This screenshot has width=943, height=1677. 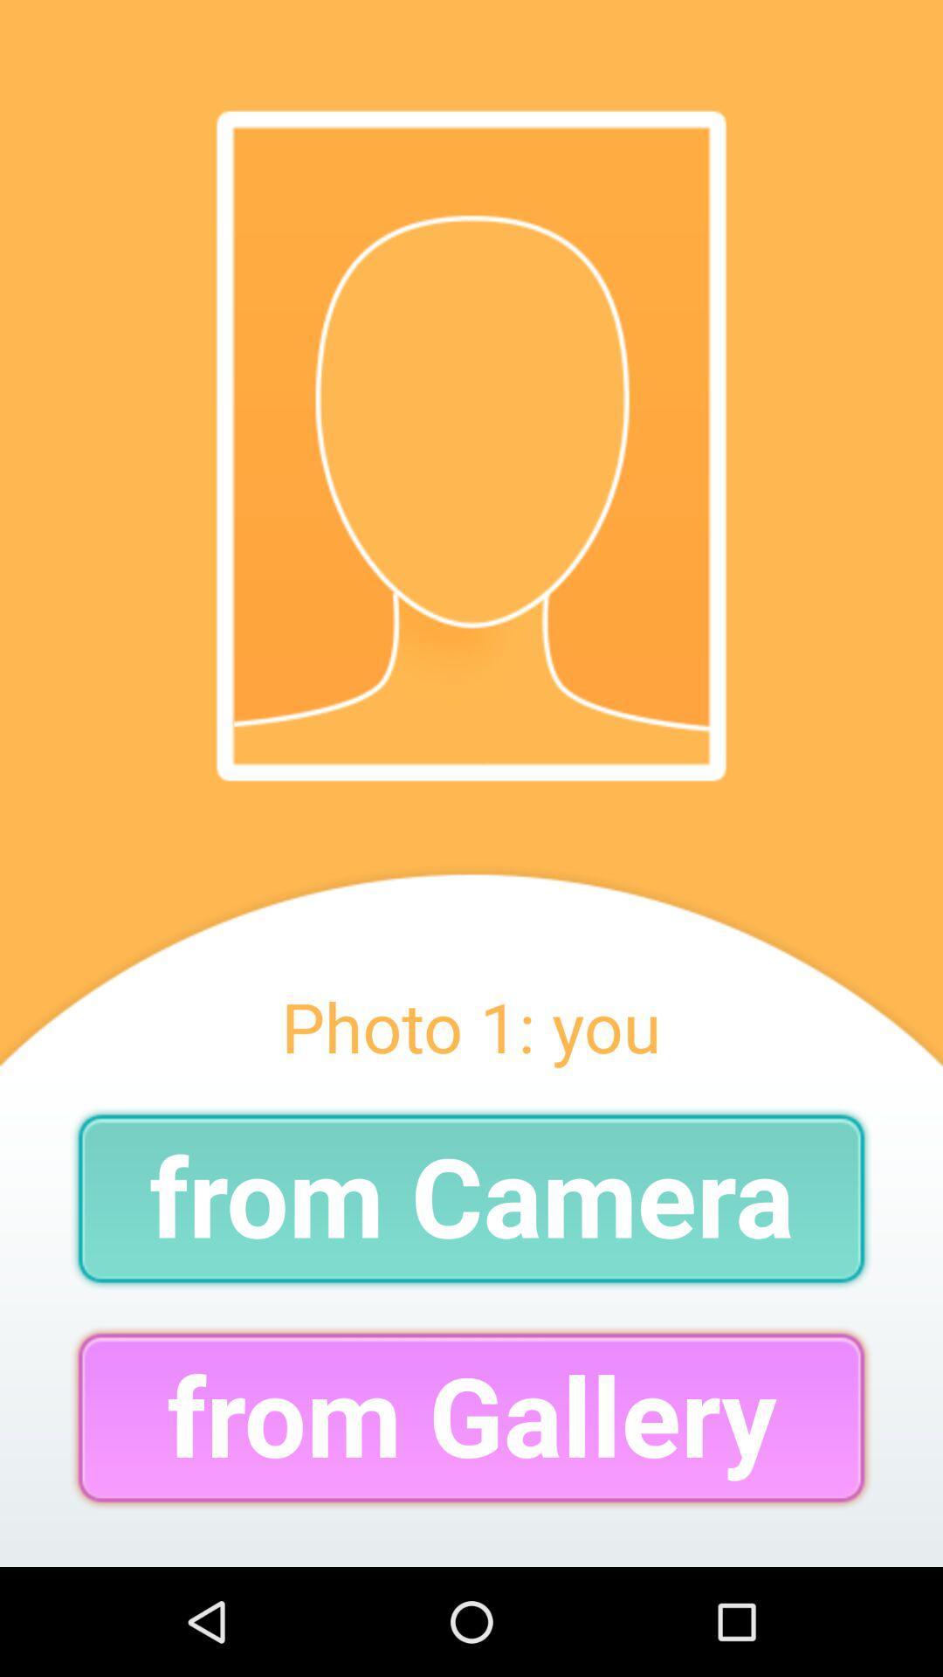 What do you see at coordinates (471, 1197) in the screenshot?
I see `icon below photo 1: you` at bounding box center [471, 1197].